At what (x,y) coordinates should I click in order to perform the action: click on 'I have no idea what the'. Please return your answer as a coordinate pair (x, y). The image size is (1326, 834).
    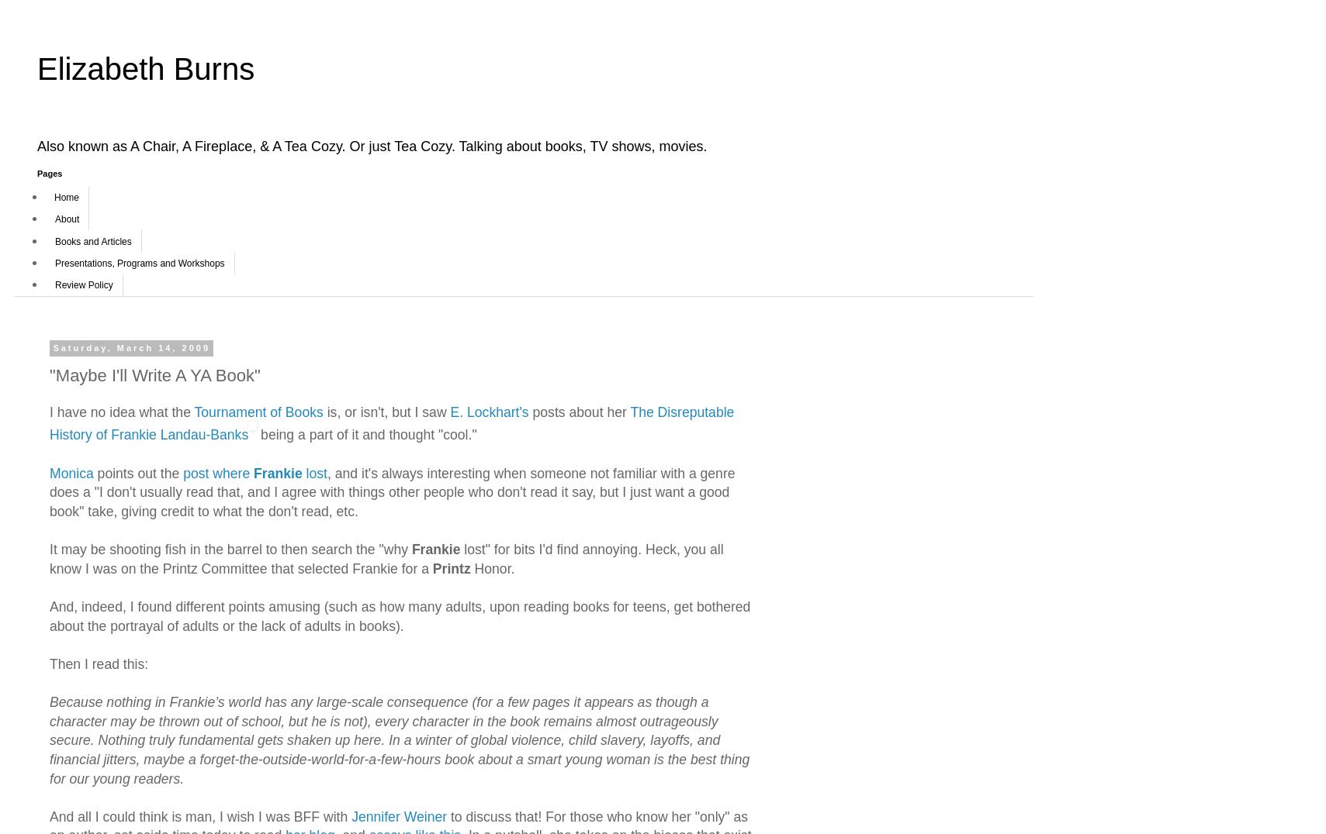
    Looking at the image, I should click on (121, 412).